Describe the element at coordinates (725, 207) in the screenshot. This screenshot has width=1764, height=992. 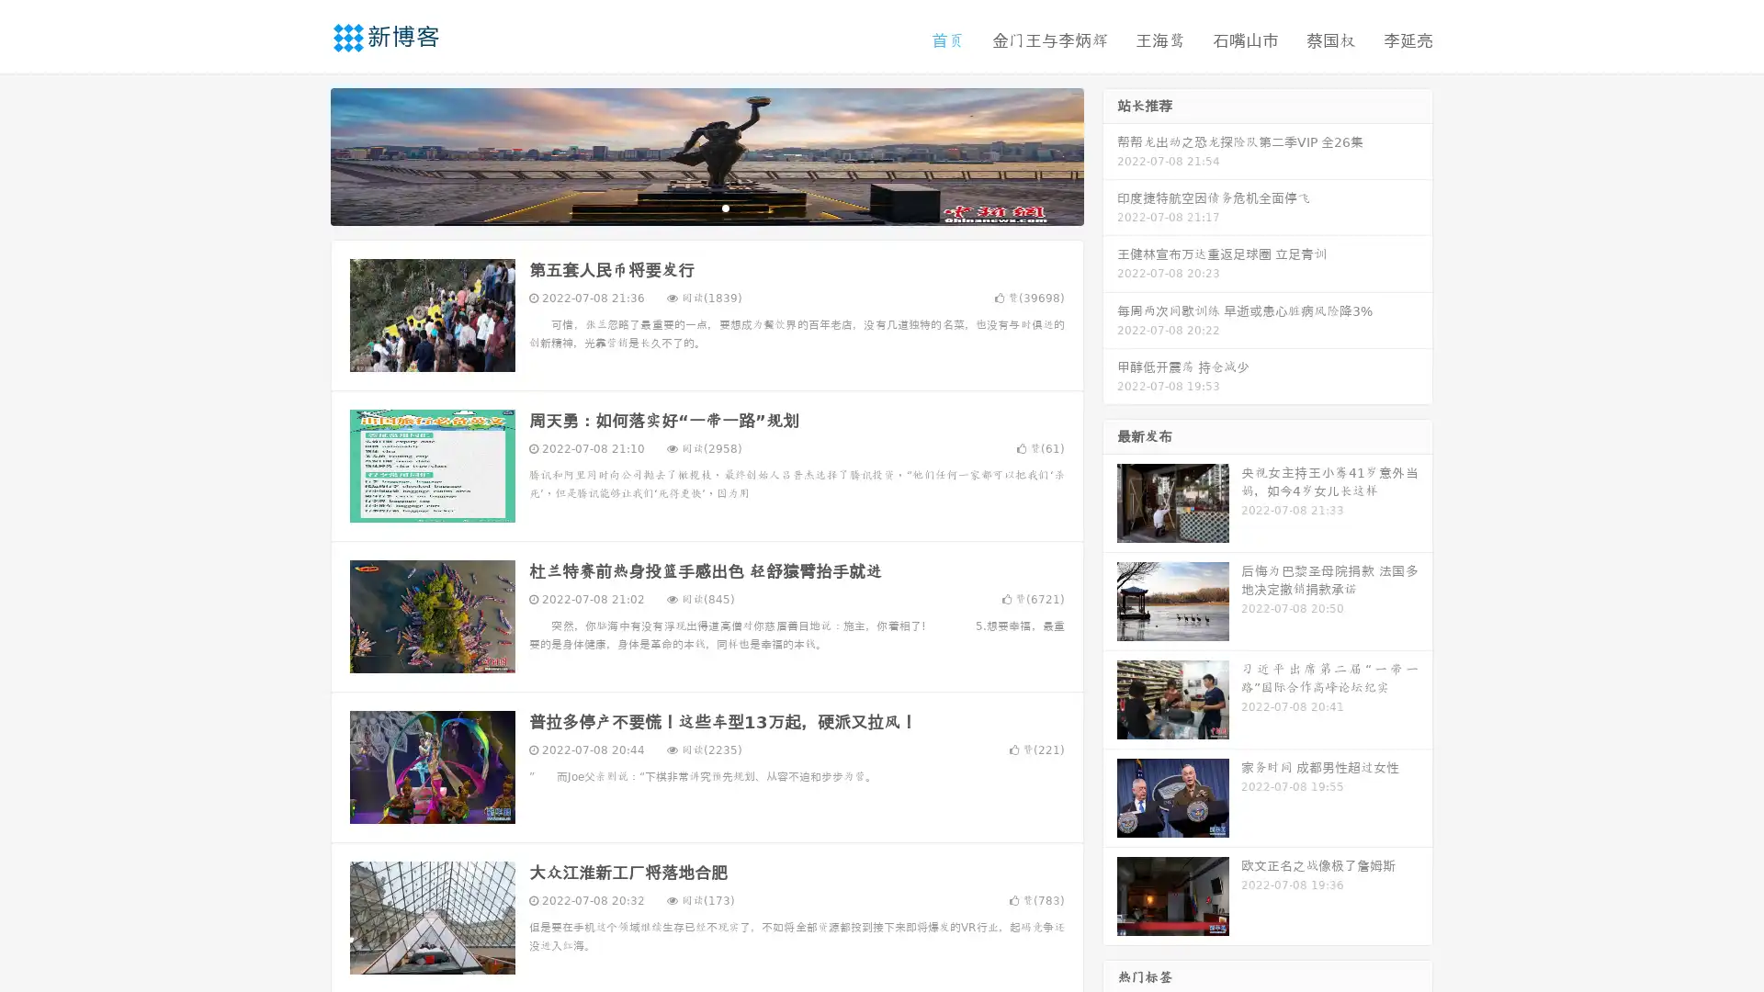
I see `Go to slide 3` at that location.